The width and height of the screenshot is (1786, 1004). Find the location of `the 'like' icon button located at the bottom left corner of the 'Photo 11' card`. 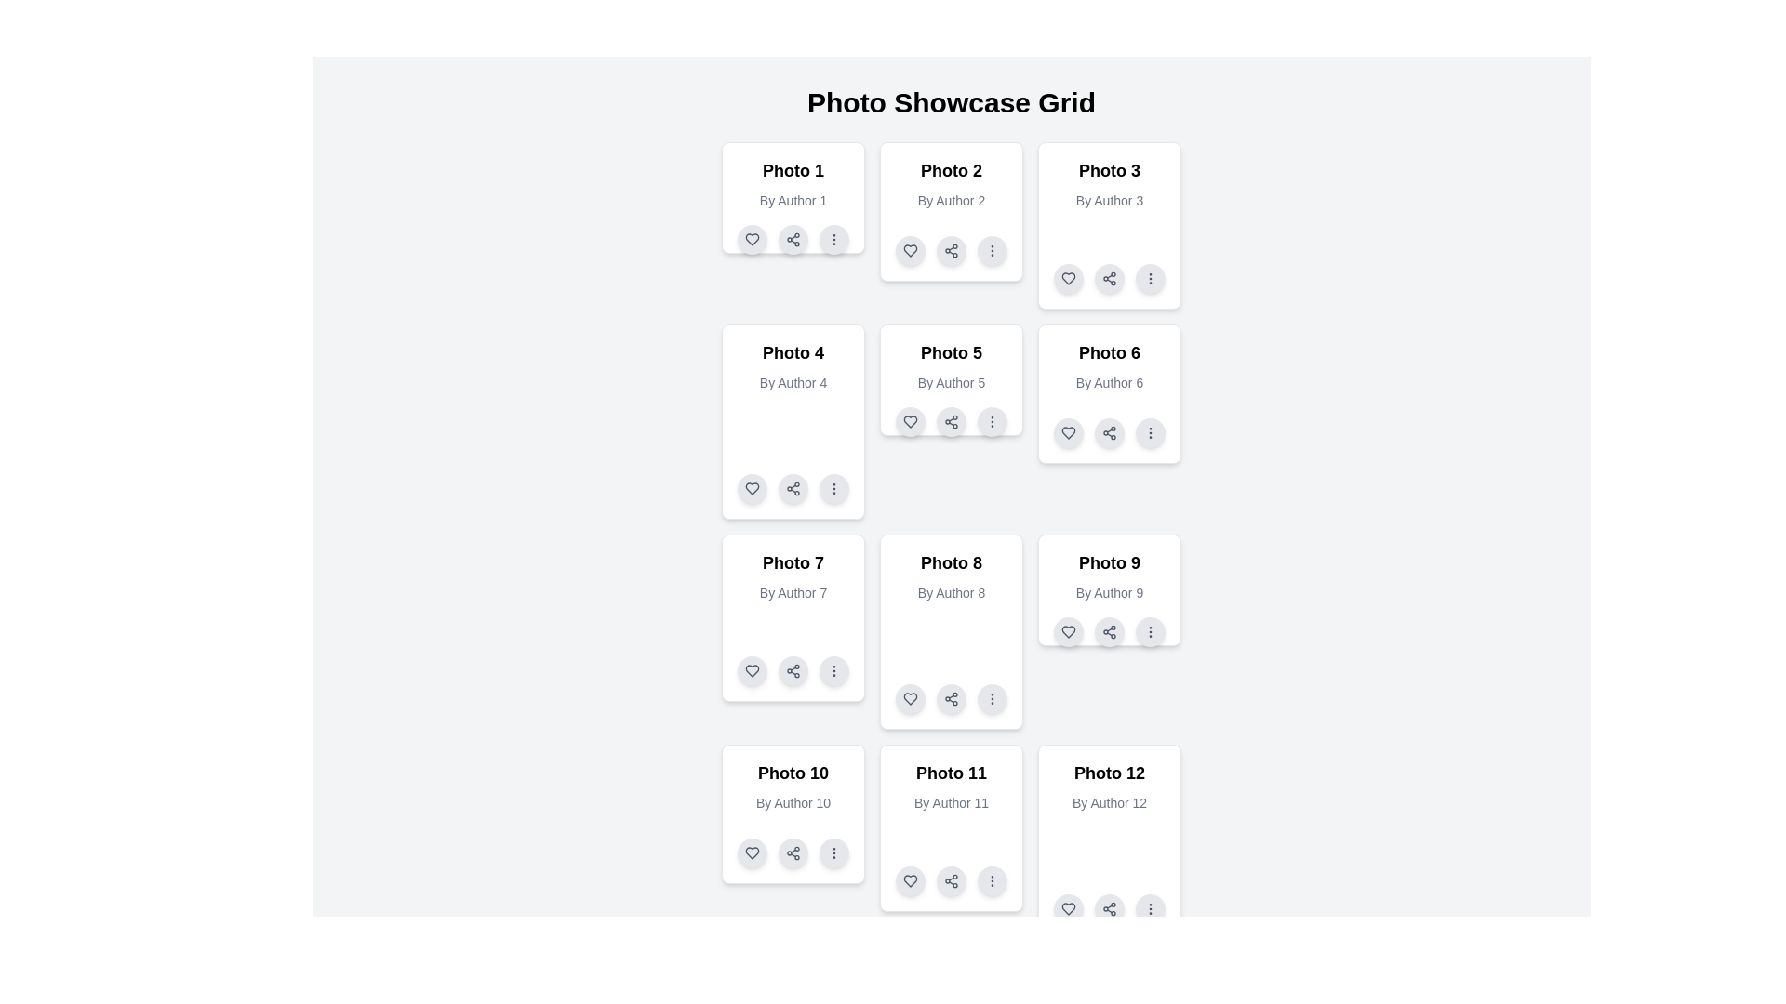

the 'like' icon button located at the bottom left corner of the 'Photo 11' card is located at coordinates (911, 880).